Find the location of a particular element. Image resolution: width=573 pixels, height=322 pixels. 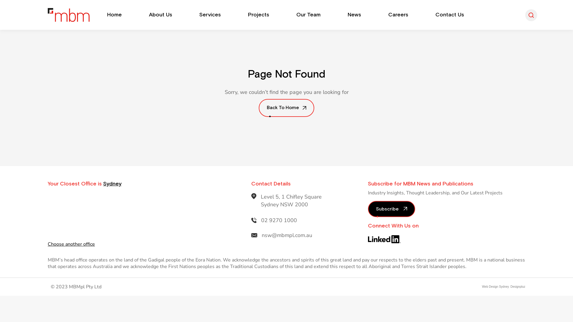

'Designpluz' is located at coordinates (517, 286).